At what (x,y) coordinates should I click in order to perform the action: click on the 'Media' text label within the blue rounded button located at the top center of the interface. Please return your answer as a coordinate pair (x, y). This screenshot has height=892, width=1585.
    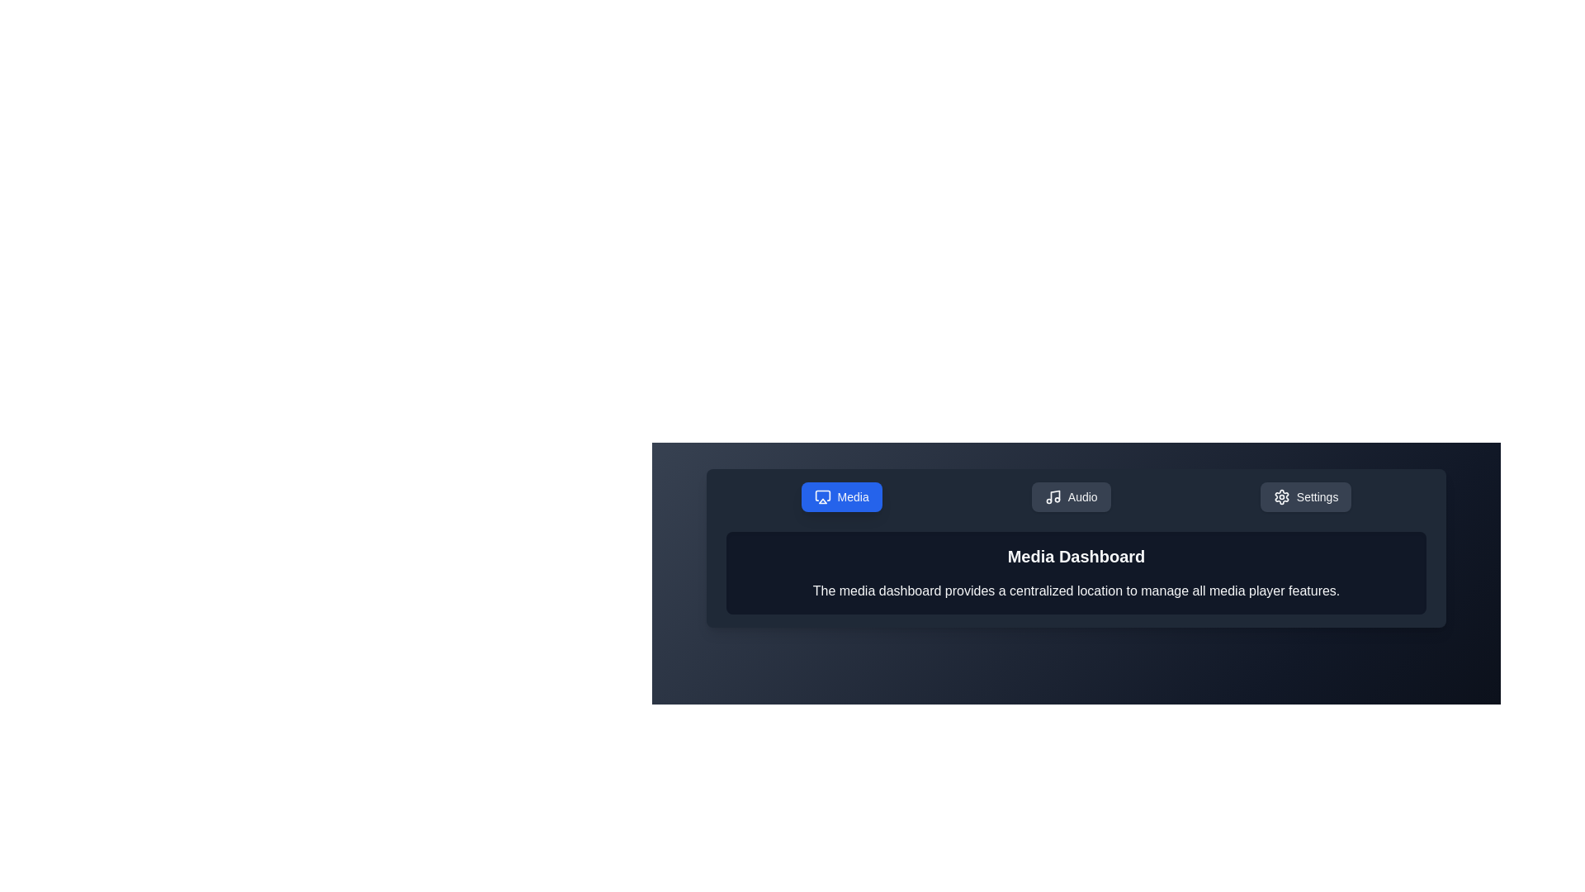
    Looking at the image, I should click on (853, 496).